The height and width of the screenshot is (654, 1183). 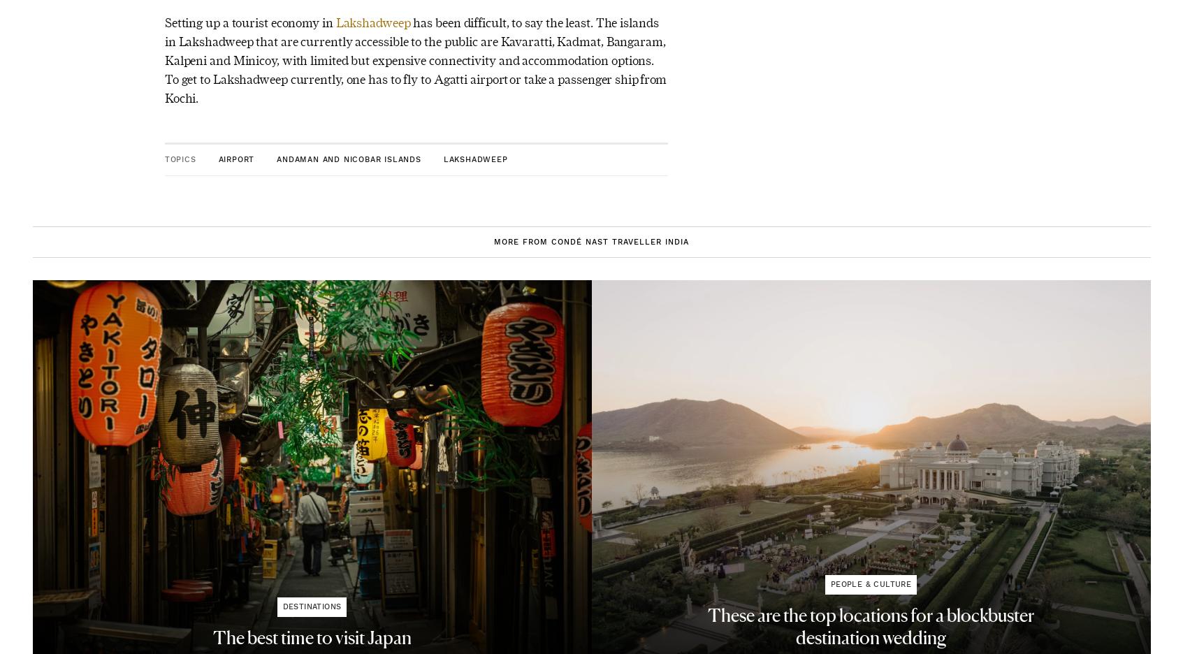 What do you see at coordinates (871, 626) in the screenshot?
I see `'These are the top locations for a blockbuster destination wedding'` at bounding box center [871, 626].